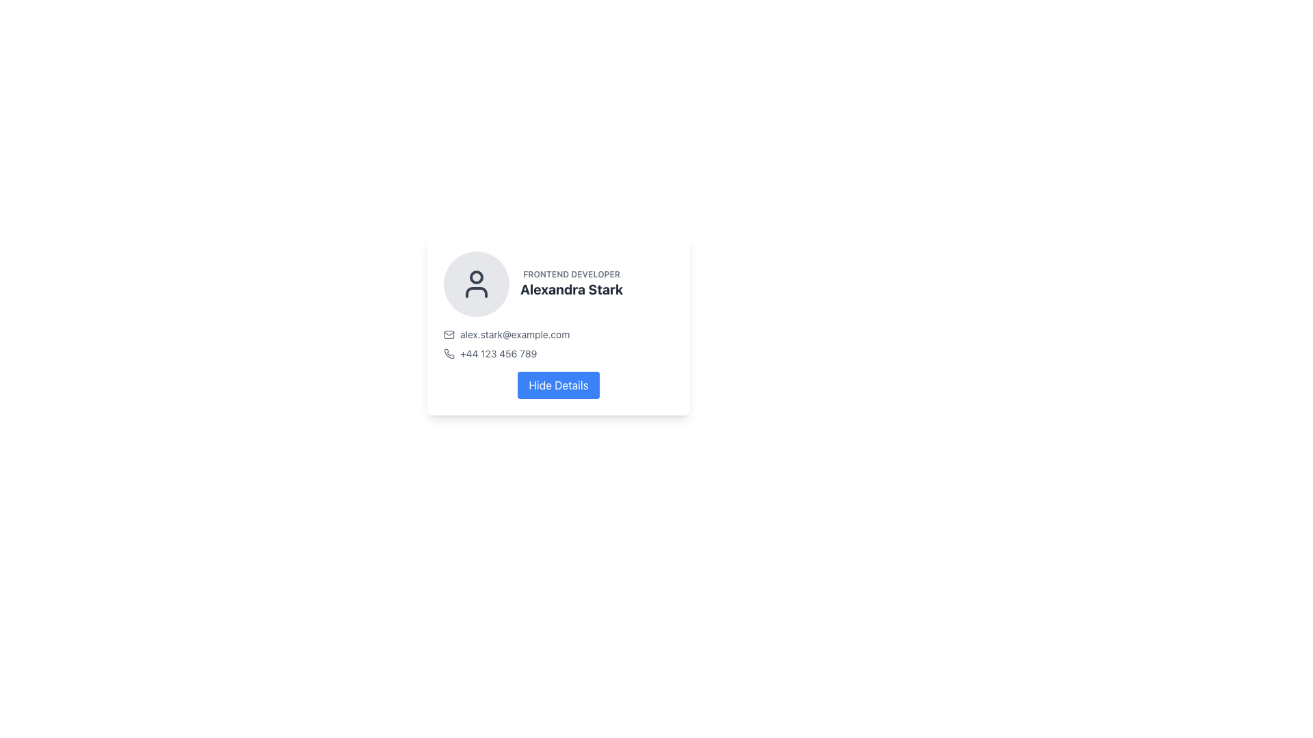  Describe the element at coordinates (476, 277) in the screenshot. I see `the circular graphical component that depicts the head in the user profile icon located in the left section of the user card interface` at that location.